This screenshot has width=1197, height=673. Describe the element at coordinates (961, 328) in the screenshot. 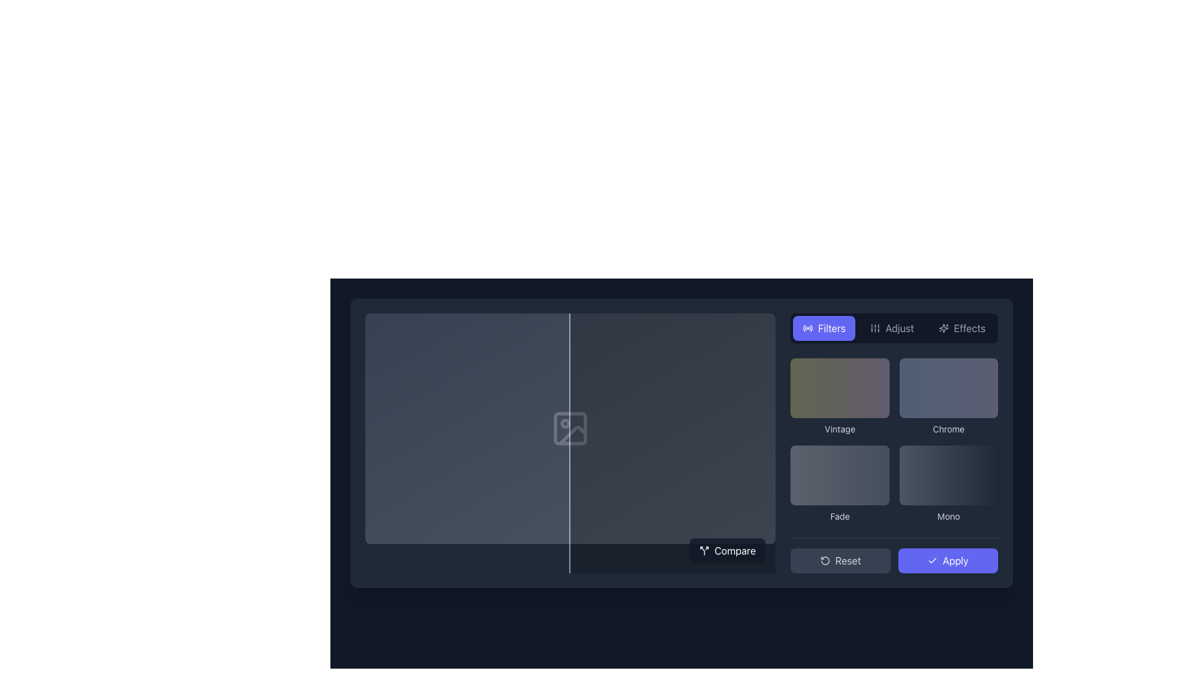

I see `the 'Effects' button, which has a dark gray background, rounded corners, a star-like icon on the left, and a light gray label on the right, positioned in the top-right area of the interface` at that location.